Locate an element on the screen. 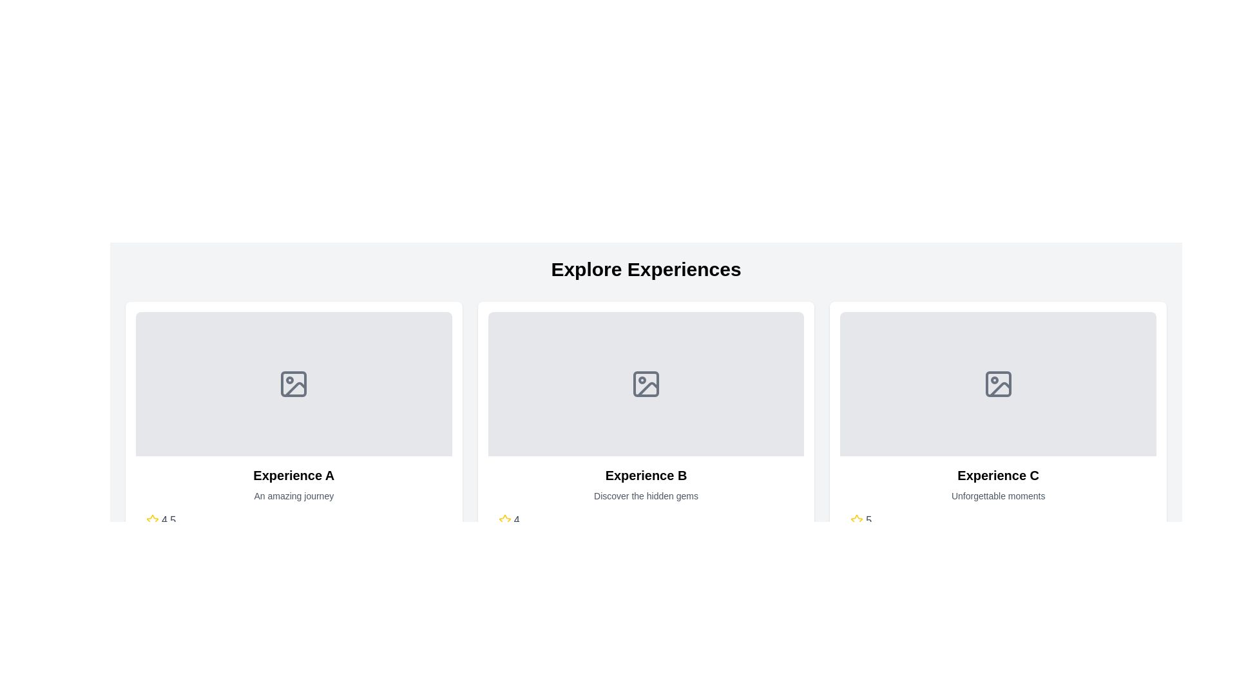 This screenshot has height=695, width=1237. the yellow star icon component associated with the rating number '5' in the 'Experience C' panel of the 'Explore Experiences' section is located at coordinates (857, 519).